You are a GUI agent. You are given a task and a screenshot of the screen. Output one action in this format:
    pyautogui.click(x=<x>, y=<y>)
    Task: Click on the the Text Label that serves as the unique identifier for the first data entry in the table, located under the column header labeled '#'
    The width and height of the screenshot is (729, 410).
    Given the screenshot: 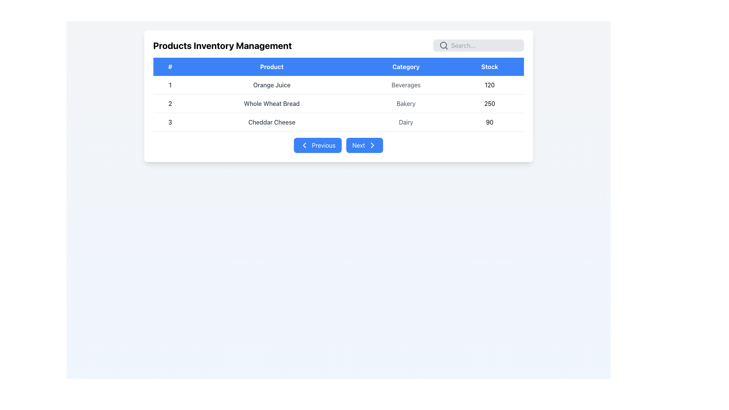 What is the action you would take?
    pyautogui.click(x=170, y=85)
    